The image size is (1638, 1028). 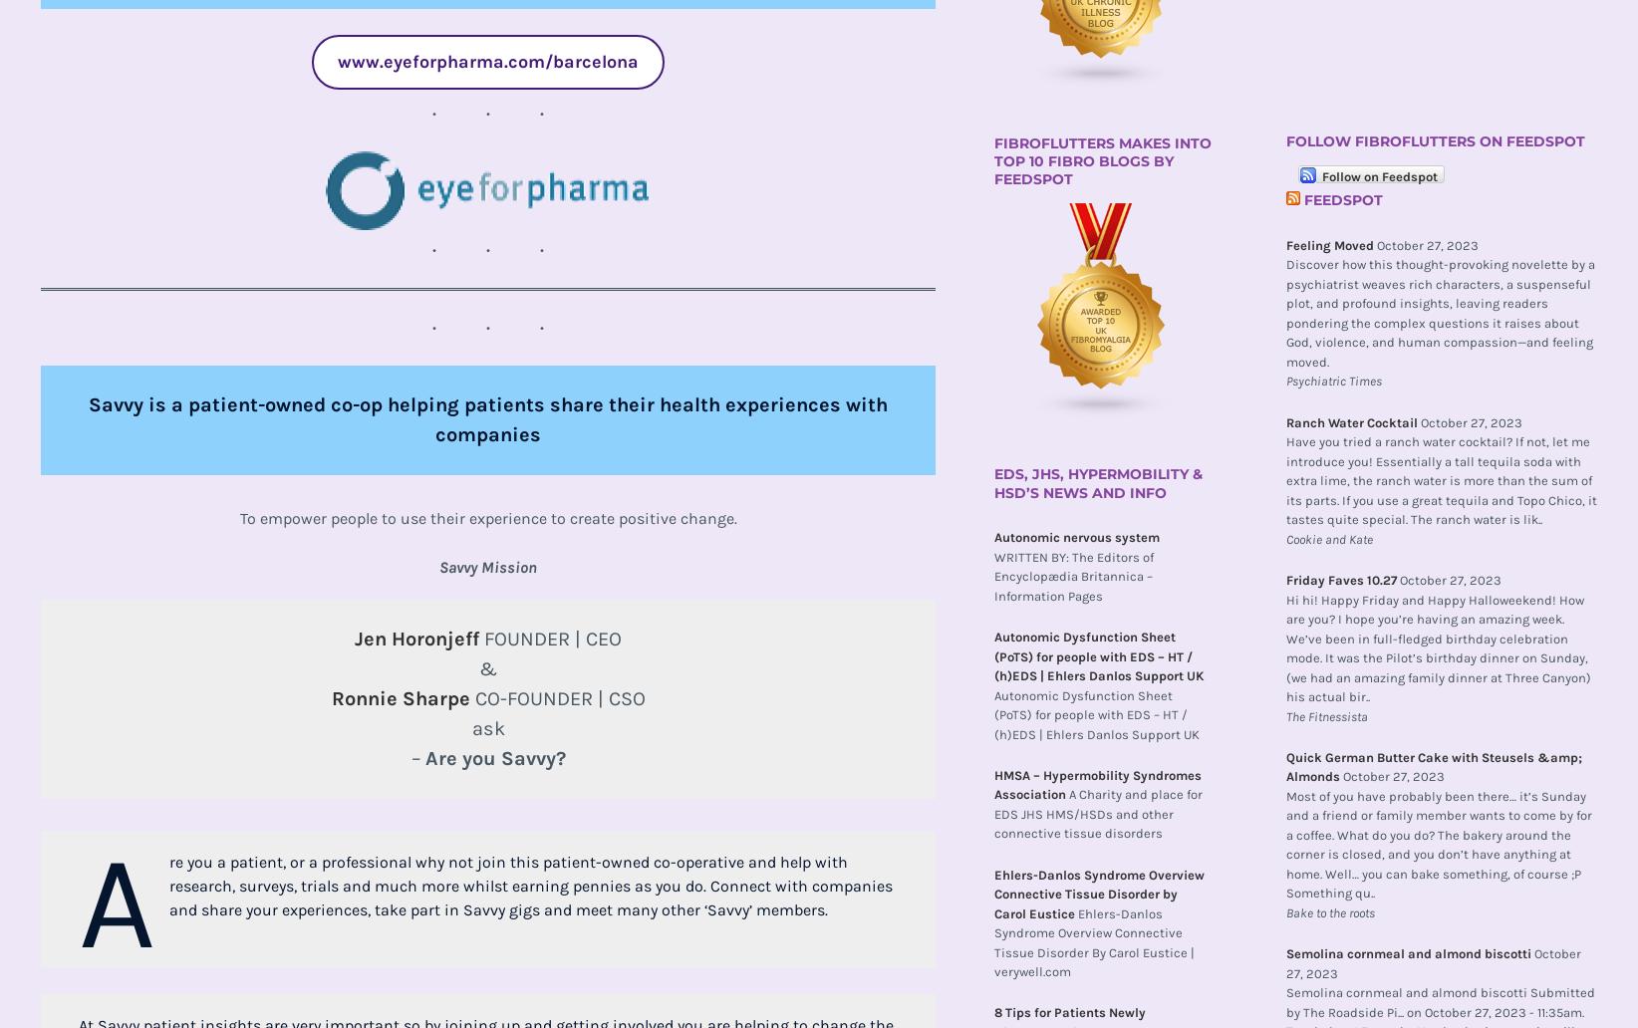 I want to click on 'Quick German Butter Cake with Steusels &amp;
Almonds', so click(x=1432, y=765).